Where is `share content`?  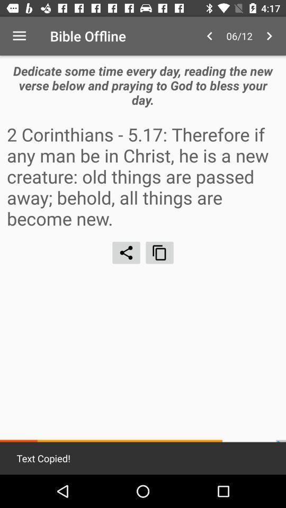 share content is located at coordinates (126, 252).